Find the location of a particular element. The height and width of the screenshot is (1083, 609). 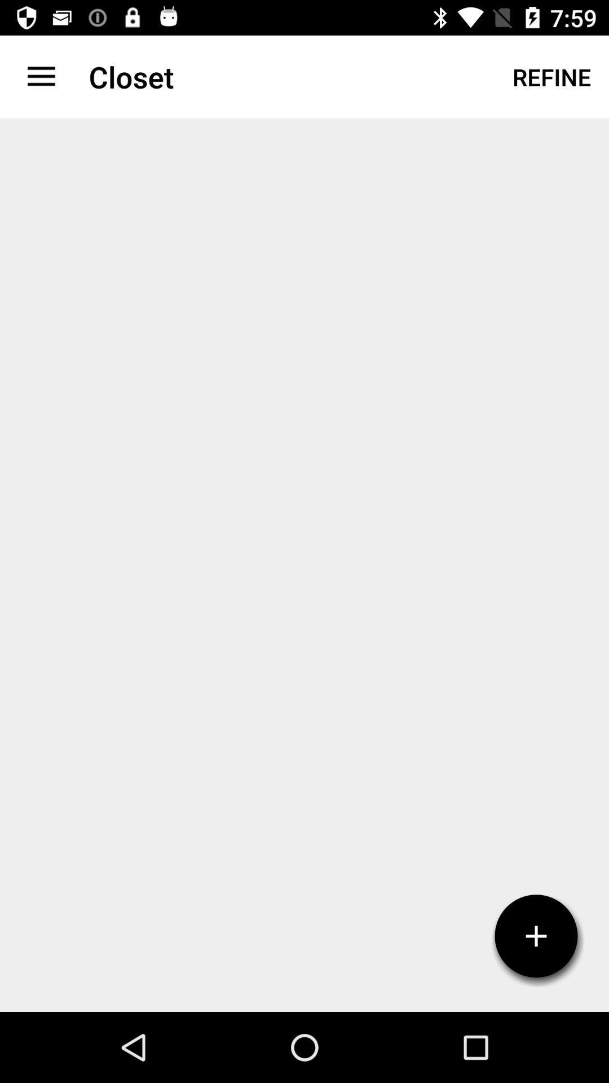

the item to the right of closet app is located at coordinates (551, 76).